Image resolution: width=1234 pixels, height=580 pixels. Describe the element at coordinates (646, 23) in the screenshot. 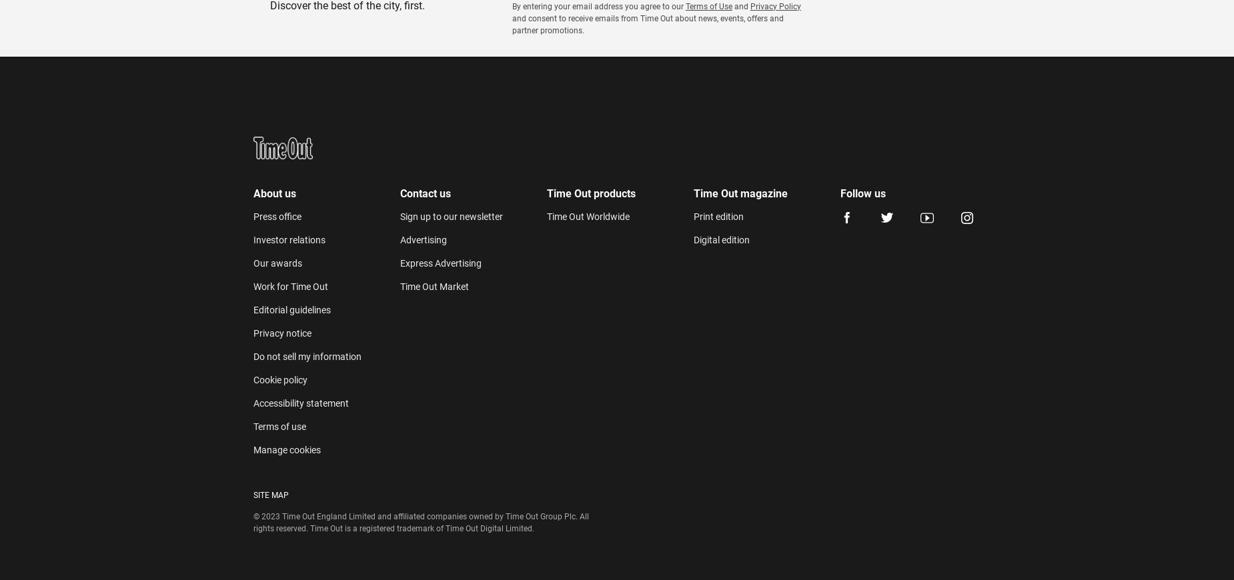

I see `'and consent to receive emails from Time Out about news, events, offers and partner promotions.'` at that location.